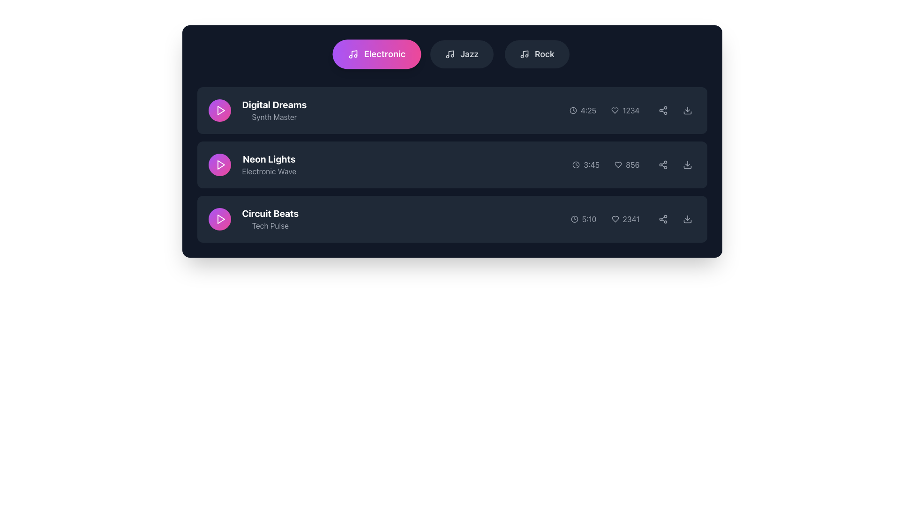 The width and height of the screenshot is (900, 506). I want to click on the music icon located to the left of the 'Rock' text label in the top section of the interface, so click(524, 54).